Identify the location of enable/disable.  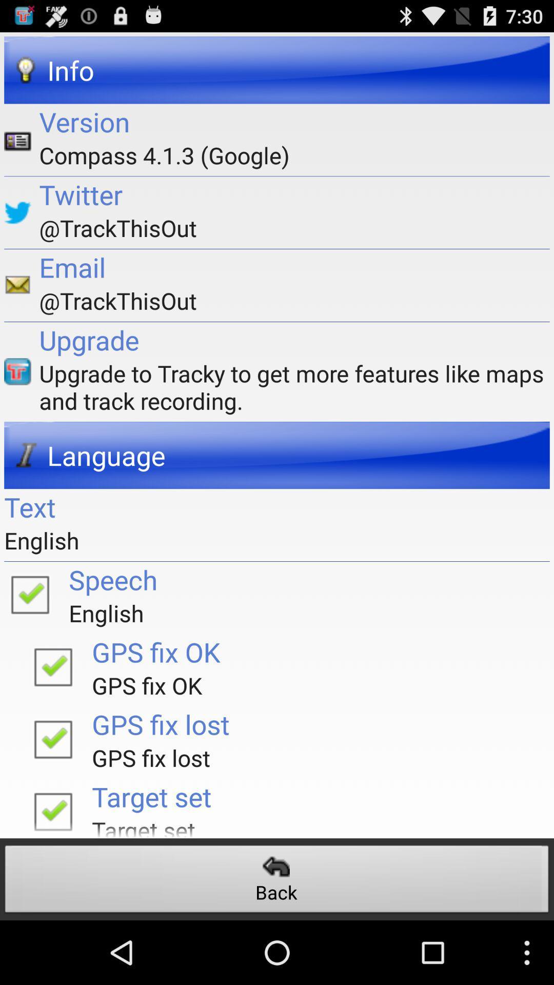
(53, 808).